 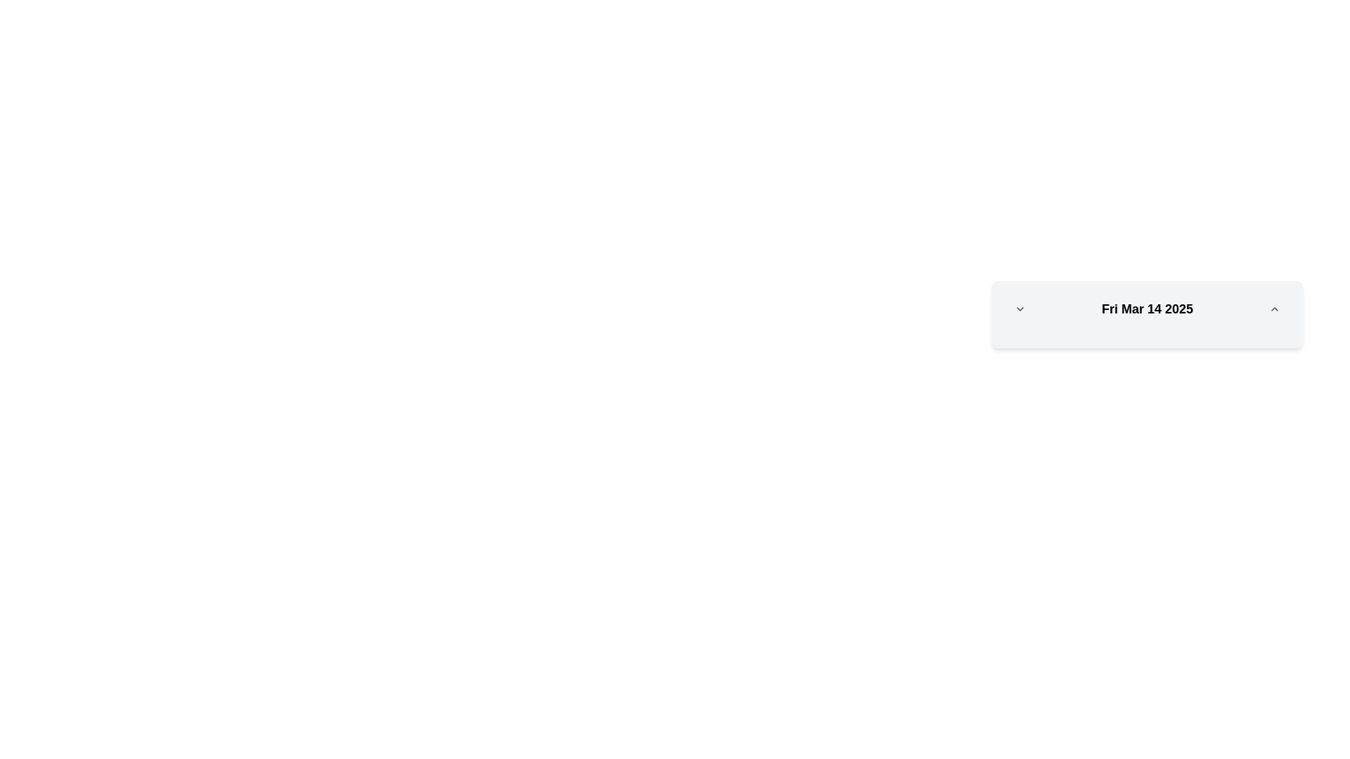 I want to click on the downwards-facing chevron icon beside the date label 'Fri Mar 14 2025', so click(x=1020, y=308).